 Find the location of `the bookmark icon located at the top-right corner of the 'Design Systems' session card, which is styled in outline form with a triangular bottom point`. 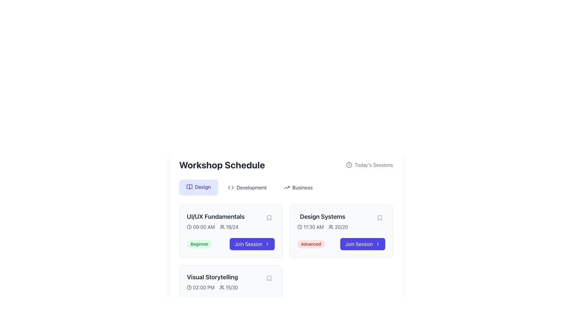

the bookmark icon located at the top-right corner of the 'Design Systems' session card, which is styled in outline form with a triangular bottom point is located at coordinates (379, 218).